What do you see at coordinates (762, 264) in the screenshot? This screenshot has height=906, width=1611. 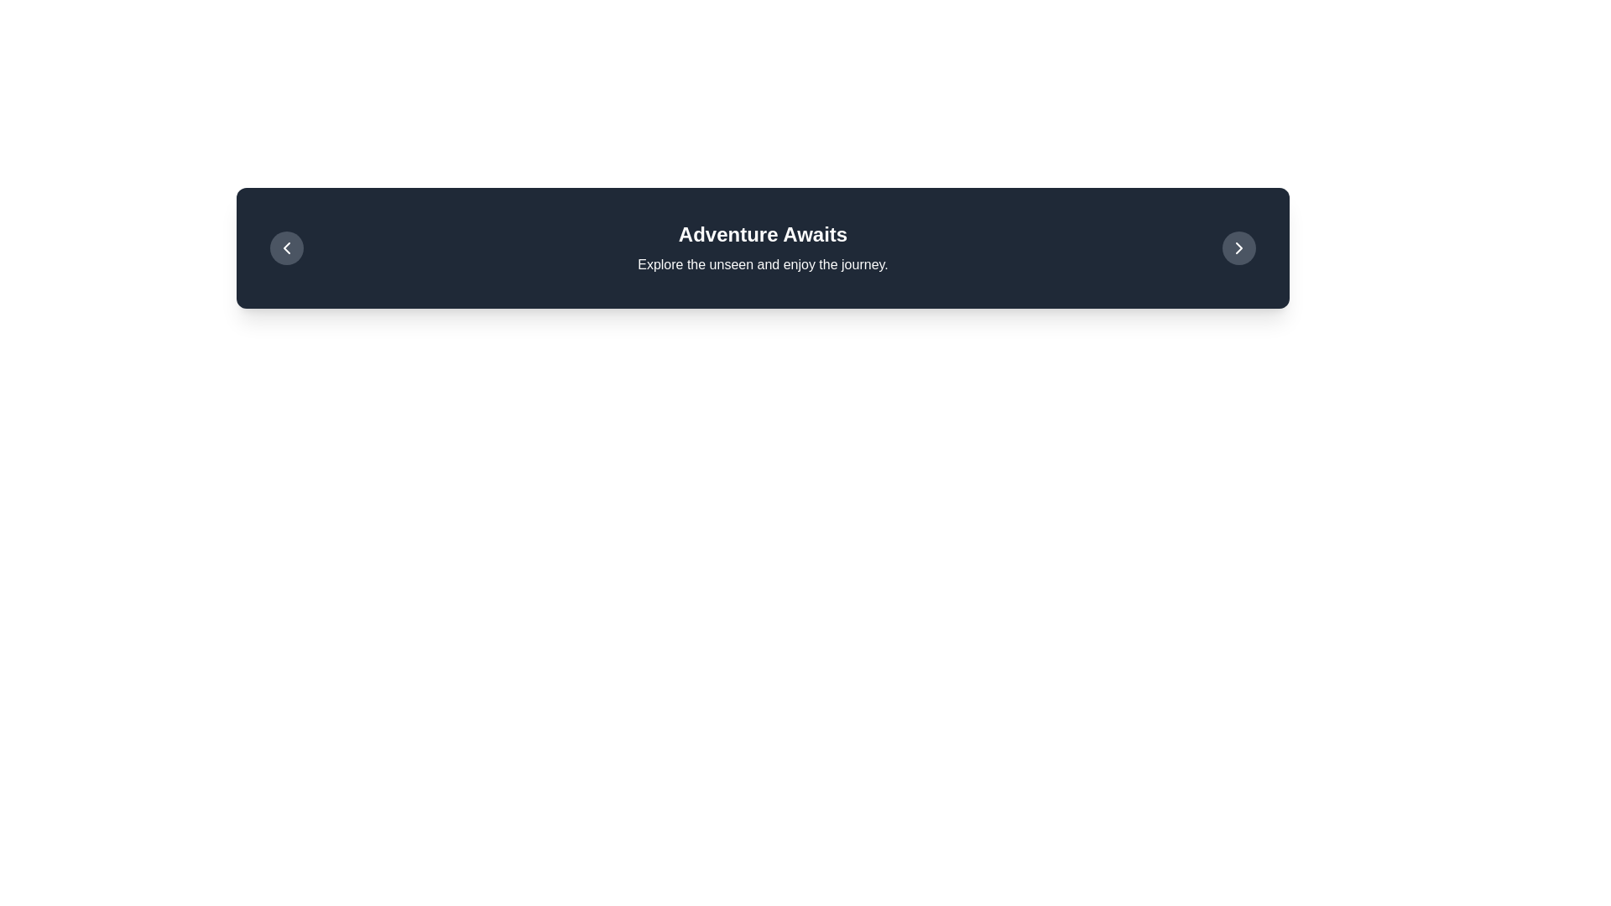 I see `the Text Display element containing the phrase 'Explore the unseen and enjoy the journey.' located below the 'Adventure Awaits' heading in the dark blue rectangular section` at bounding box center [762, 264].